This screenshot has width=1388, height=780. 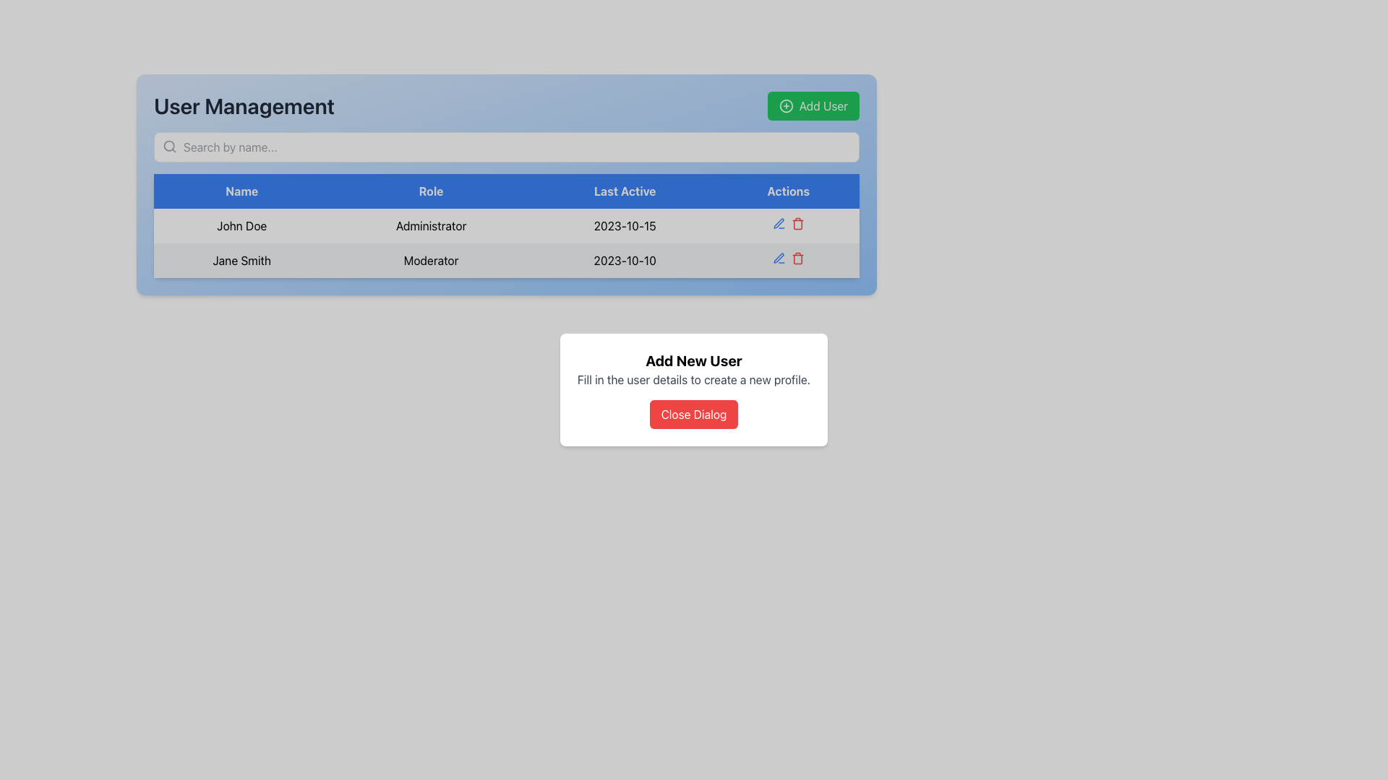 I want to click on the text display that reads 'Fill in the user details to create a new profile.' which is located below the title 'Add New User' and above the 'Close Dialog' button, so click(x=694, y=378).